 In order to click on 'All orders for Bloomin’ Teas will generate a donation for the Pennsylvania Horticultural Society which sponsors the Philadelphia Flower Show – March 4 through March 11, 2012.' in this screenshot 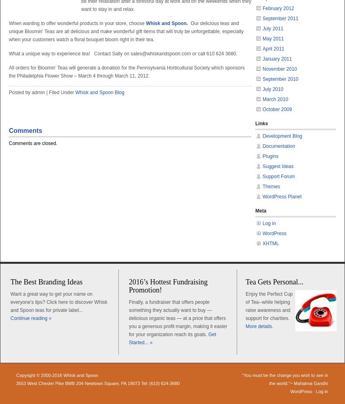, I will do `click(126, 72)`.